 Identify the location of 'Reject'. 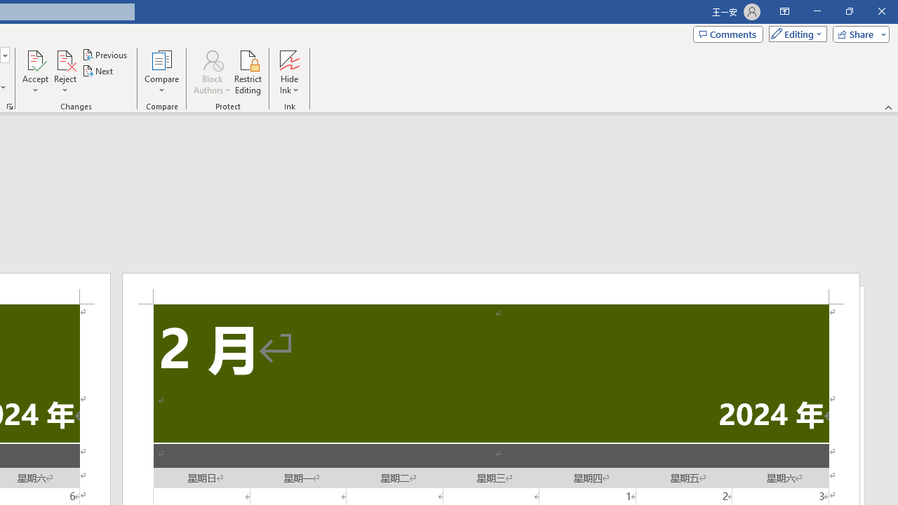
(64, 72).